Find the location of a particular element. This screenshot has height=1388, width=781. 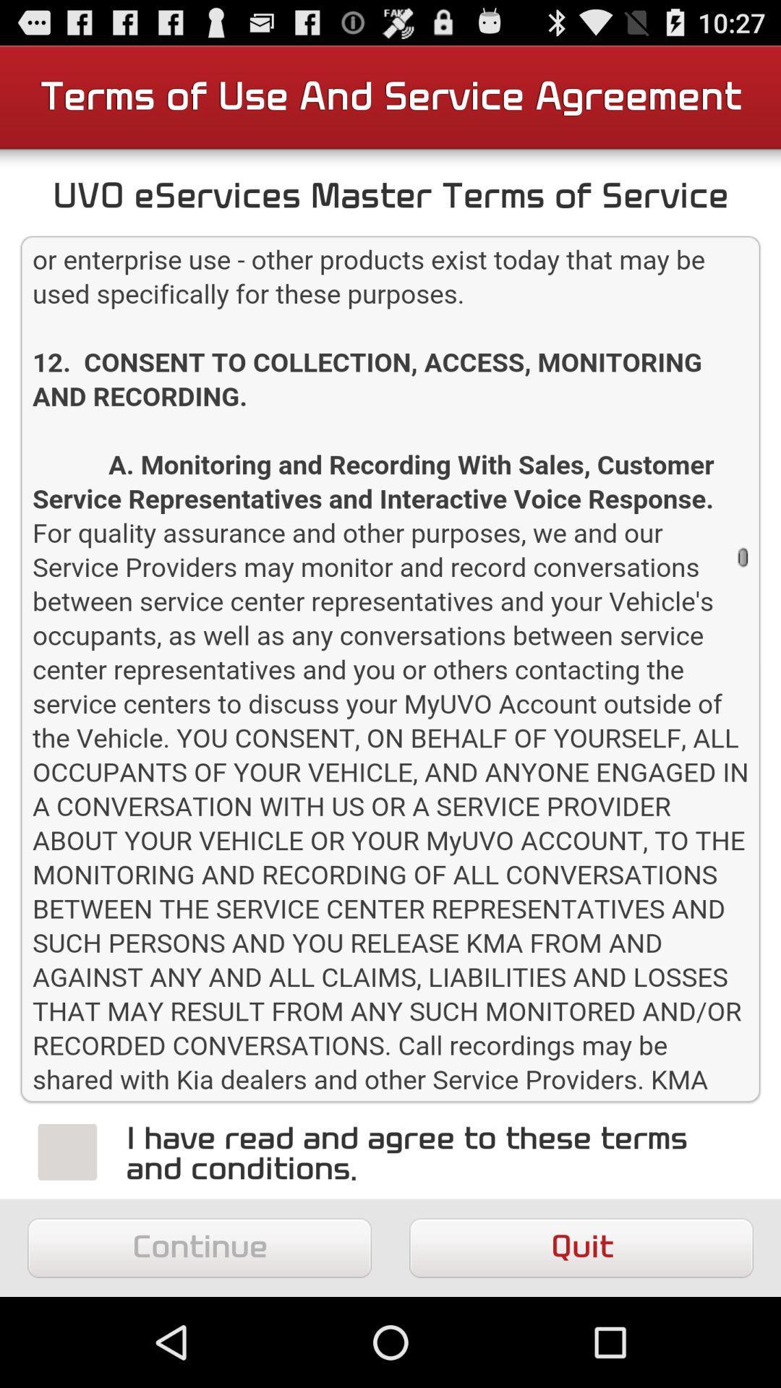

icon button is located at coordinates (67, 1151).